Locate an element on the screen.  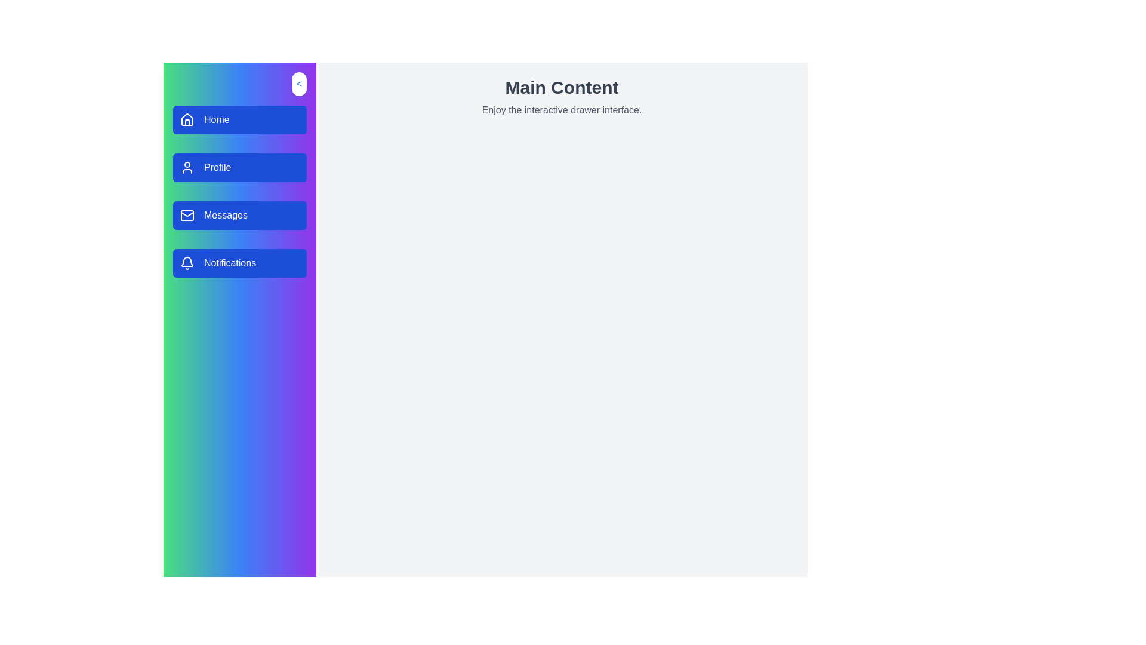
the 'Messages' icon located in the third position from the top of the sidebar is located at coordinates (186, 213).